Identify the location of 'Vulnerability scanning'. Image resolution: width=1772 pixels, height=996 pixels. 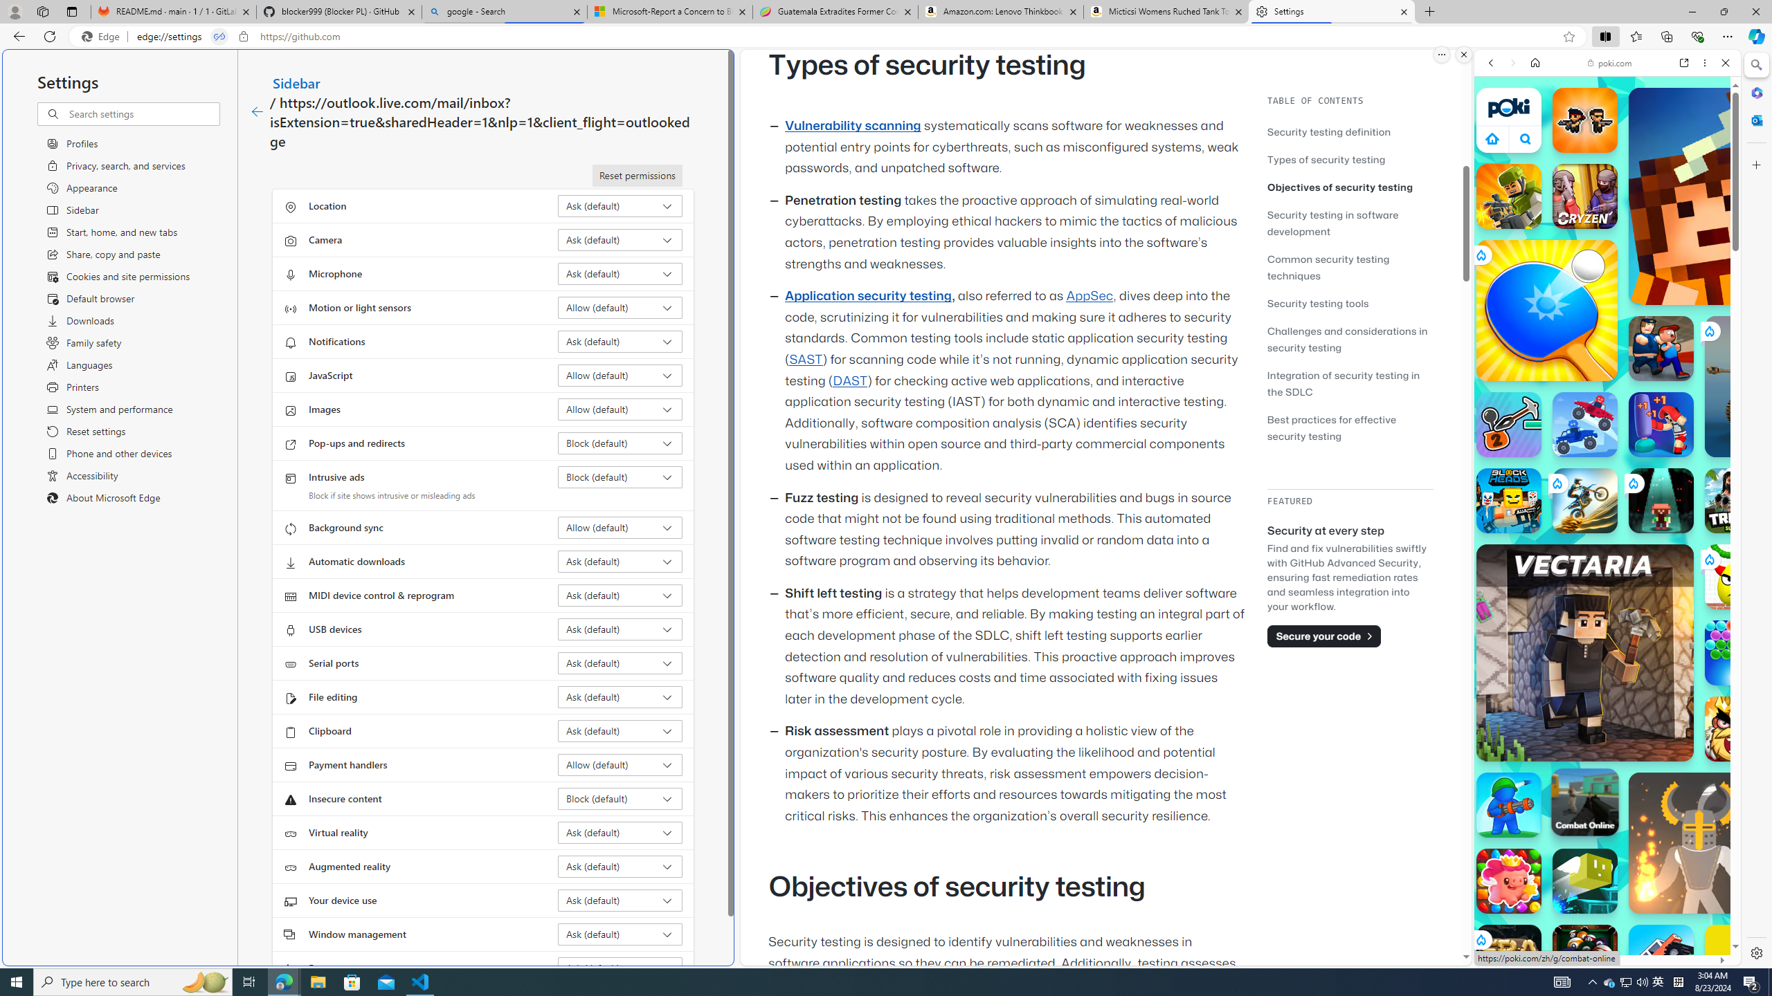
(852, 125).